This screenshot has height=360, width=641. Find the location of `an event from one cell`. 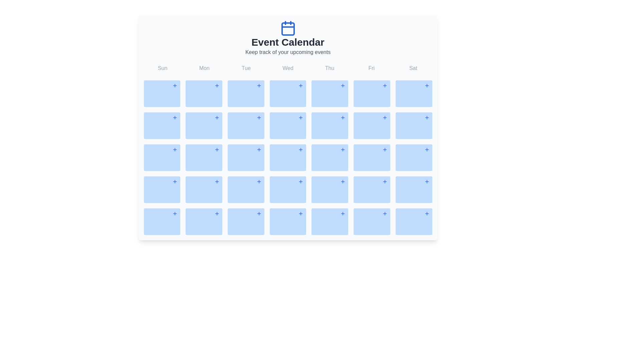

an event from one cell is located at coordinates (288, 149).